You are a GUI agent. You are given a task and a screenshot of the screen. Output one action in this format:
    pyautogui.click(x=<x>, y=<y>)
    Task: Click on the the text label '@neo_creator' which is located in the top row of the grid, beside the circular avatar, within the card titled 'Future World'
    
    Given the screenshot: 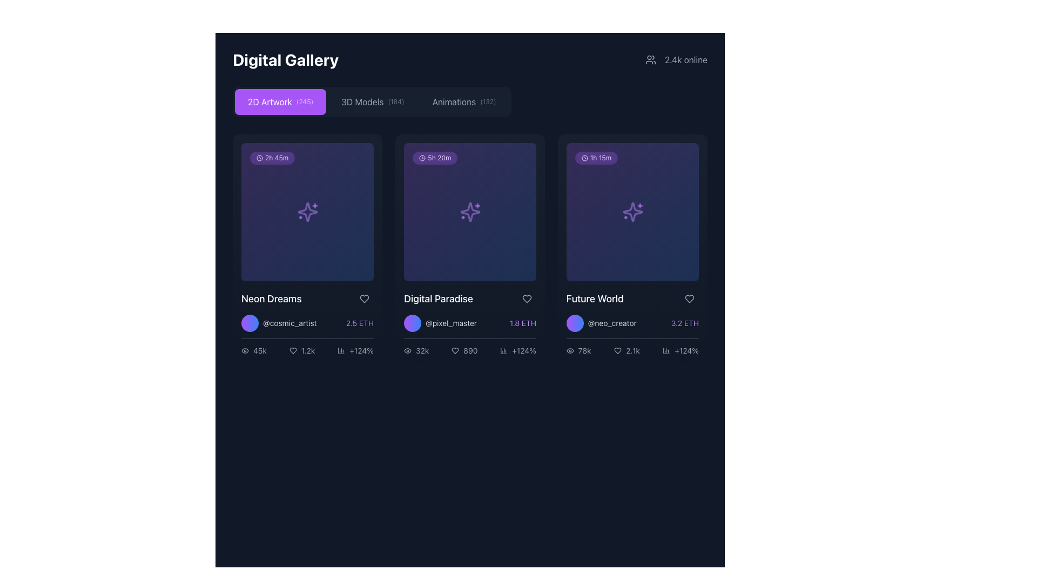 What is the action you would take?
    pyautogui.click(x=612, y=322)
    